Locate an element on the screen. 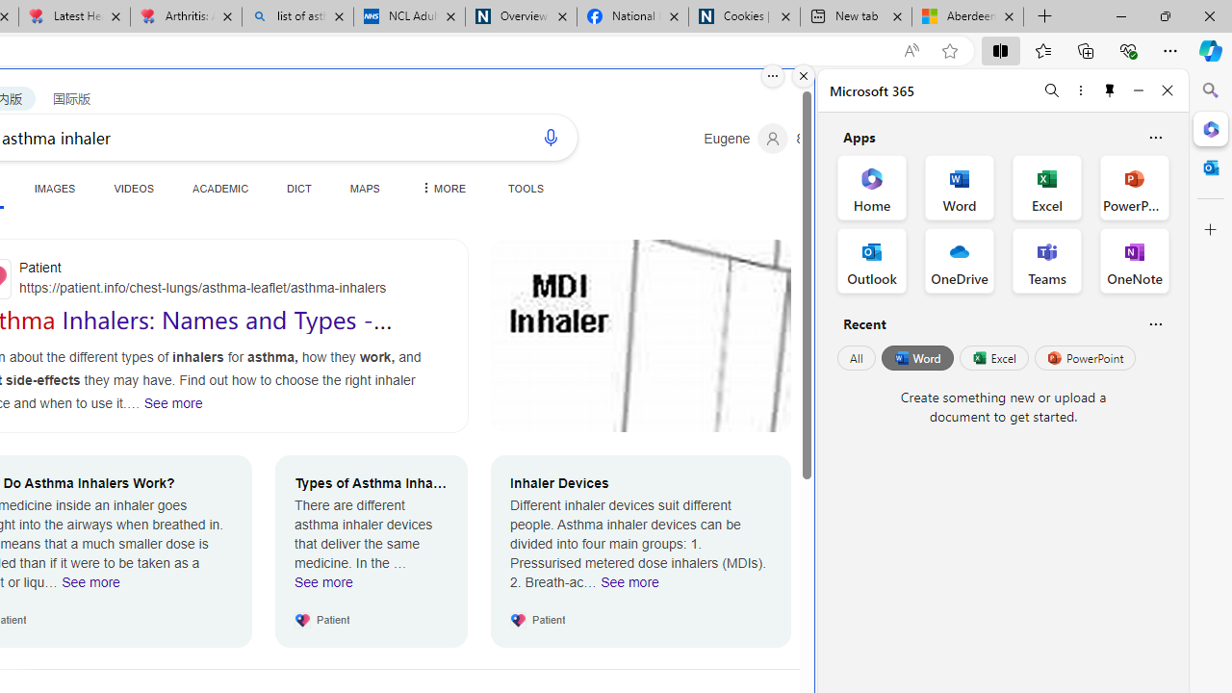 This screenshot has width=1232, height=693. 'Eugene' is located at coordinates (745, 138).